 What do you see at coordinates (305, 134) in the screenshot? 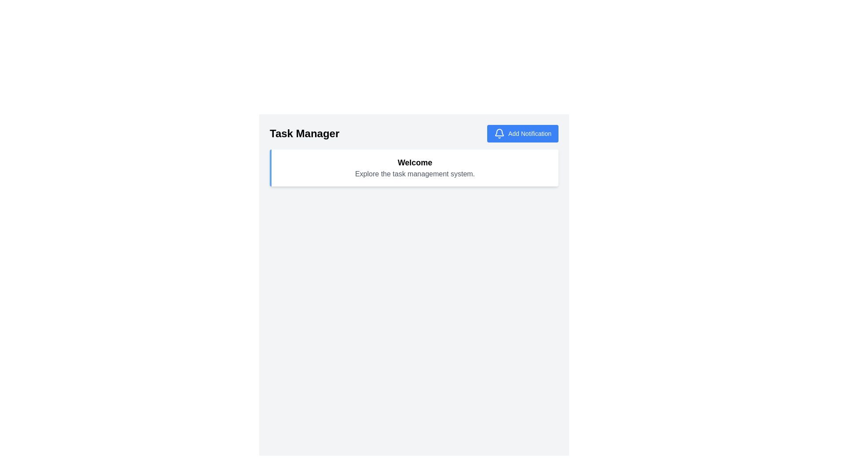
I see `the static text label that serves as the header for the task management interface, located at the top left before the 'Add Notification' button` at bounding box center [305, 134].